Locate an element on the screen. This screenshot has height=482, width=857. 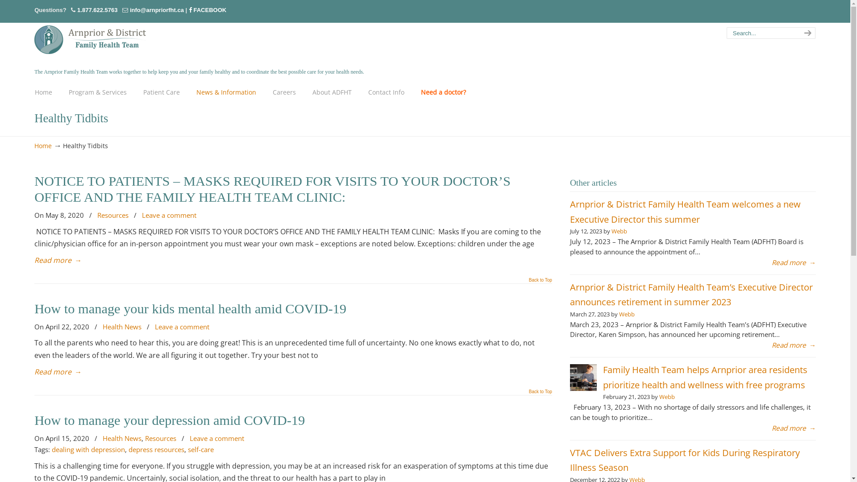
'Contact Info' is located at coordinates (359, 92).